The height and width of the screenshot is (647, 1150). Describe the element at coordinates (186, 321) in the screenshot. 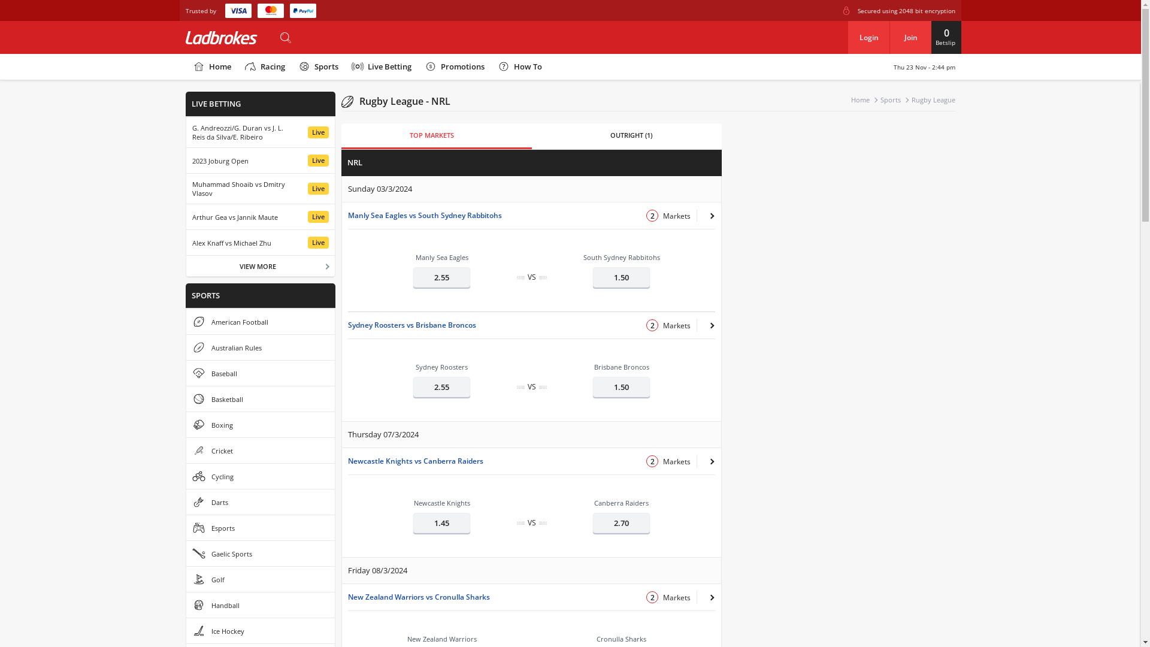

I see `'American Football'` at that location.